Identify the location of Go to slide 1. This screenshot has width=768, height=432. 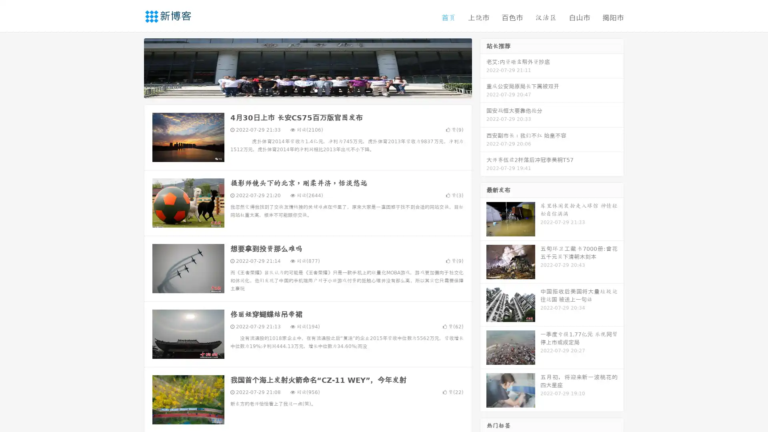
(299, 90).